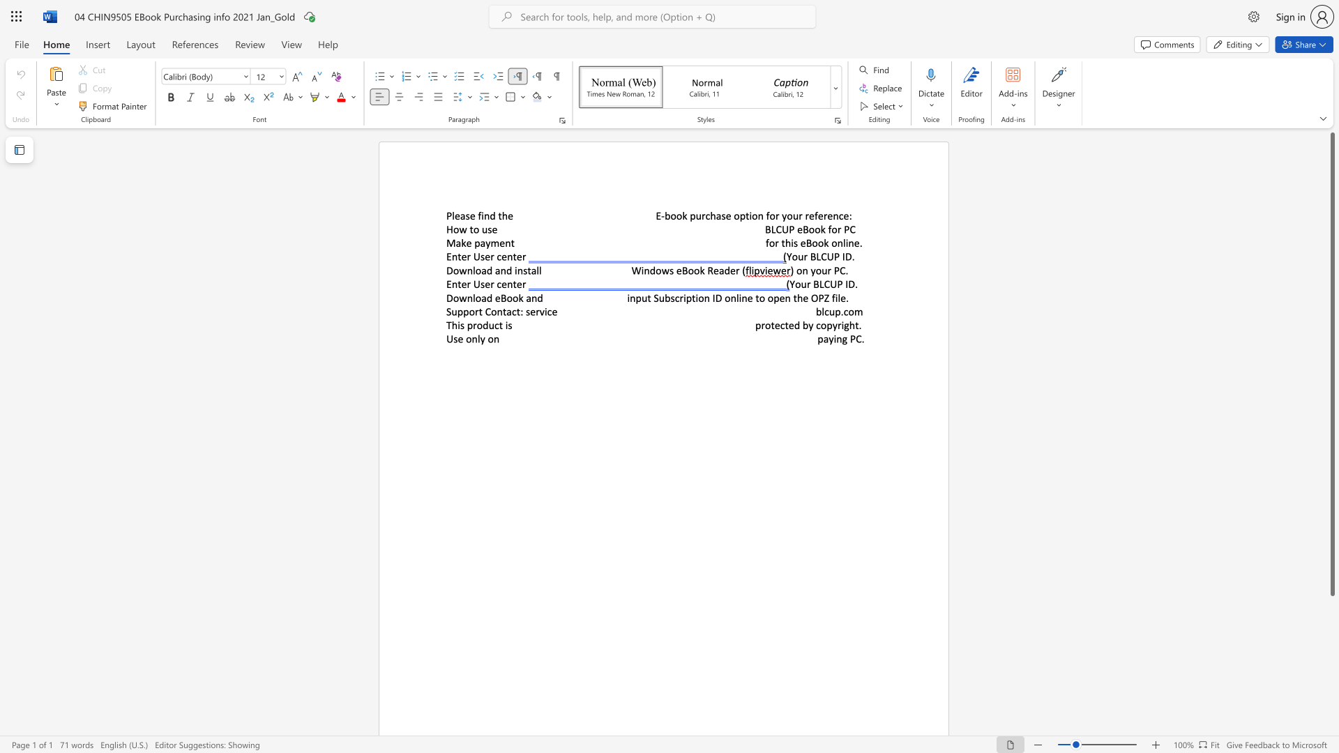  Describe the element at coordinates (792, 229) in the screenshot. I see `the 1th character "P" in the text` at that location.